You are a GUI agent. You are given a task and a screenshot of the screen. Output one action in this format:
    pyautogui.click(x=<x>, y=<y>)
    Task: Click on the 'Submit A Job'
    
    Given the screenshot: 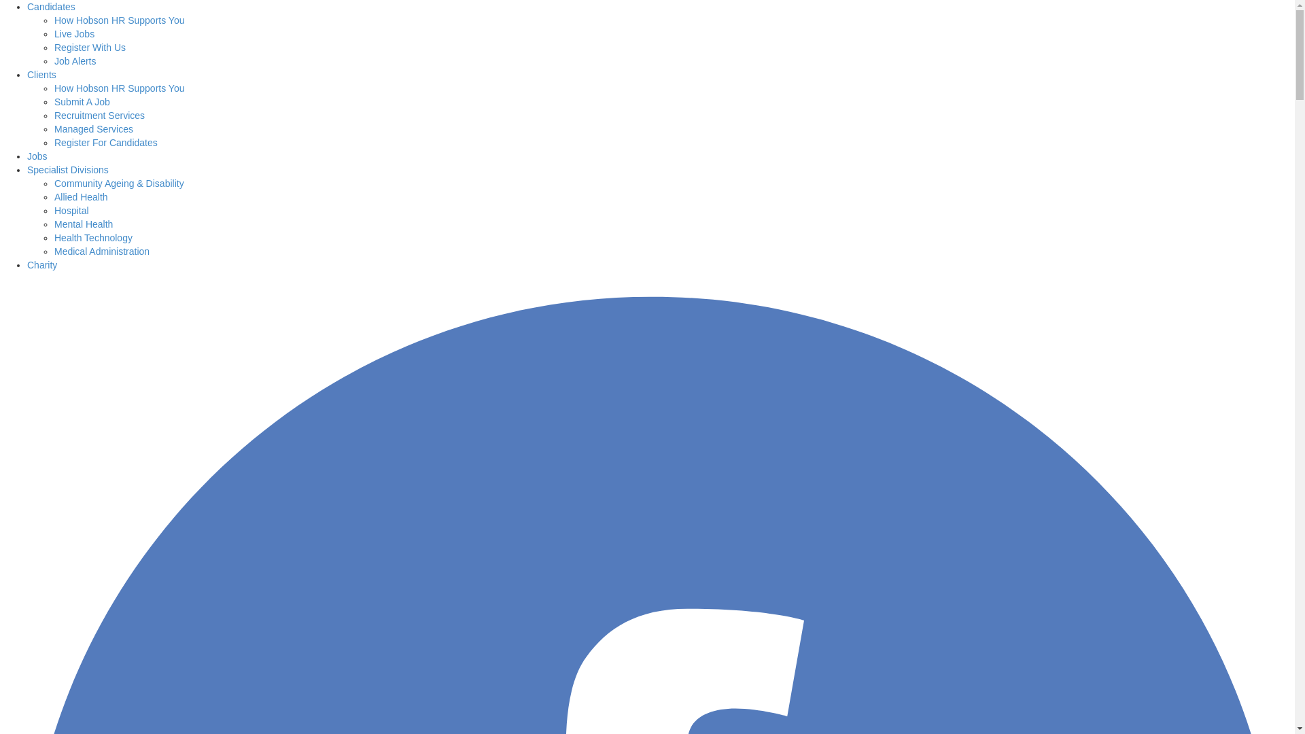 What is the action you would take?
    pyautogui.click(x=54, y=101)
    